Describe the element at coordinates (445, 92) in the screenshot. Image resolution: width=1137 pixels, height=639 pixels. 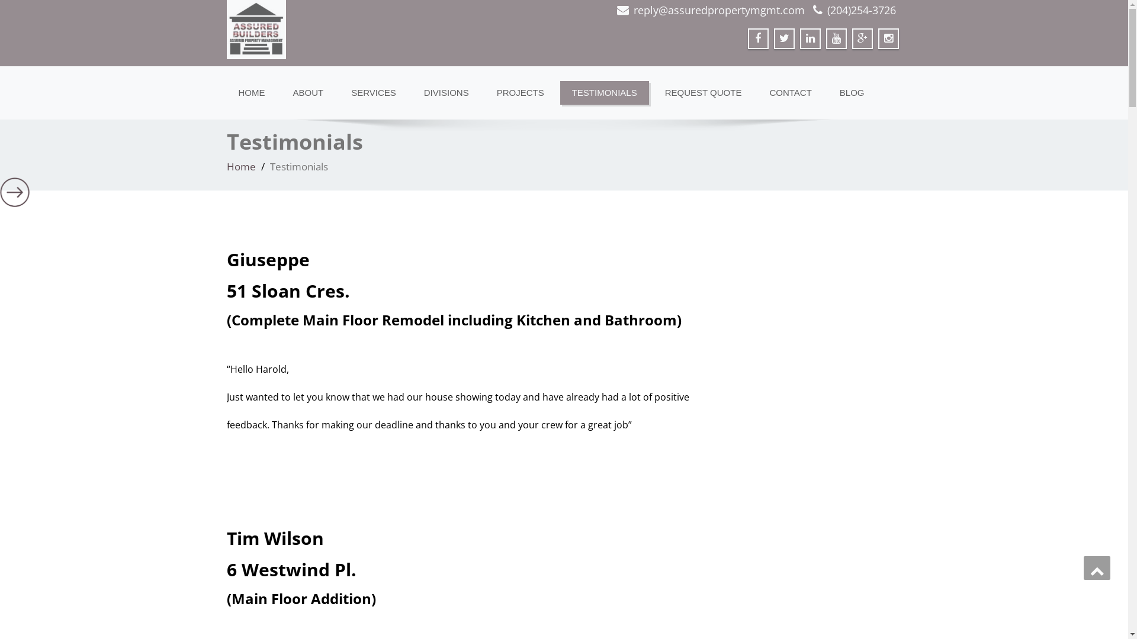
I see `'DIVISIONS'` at that location.